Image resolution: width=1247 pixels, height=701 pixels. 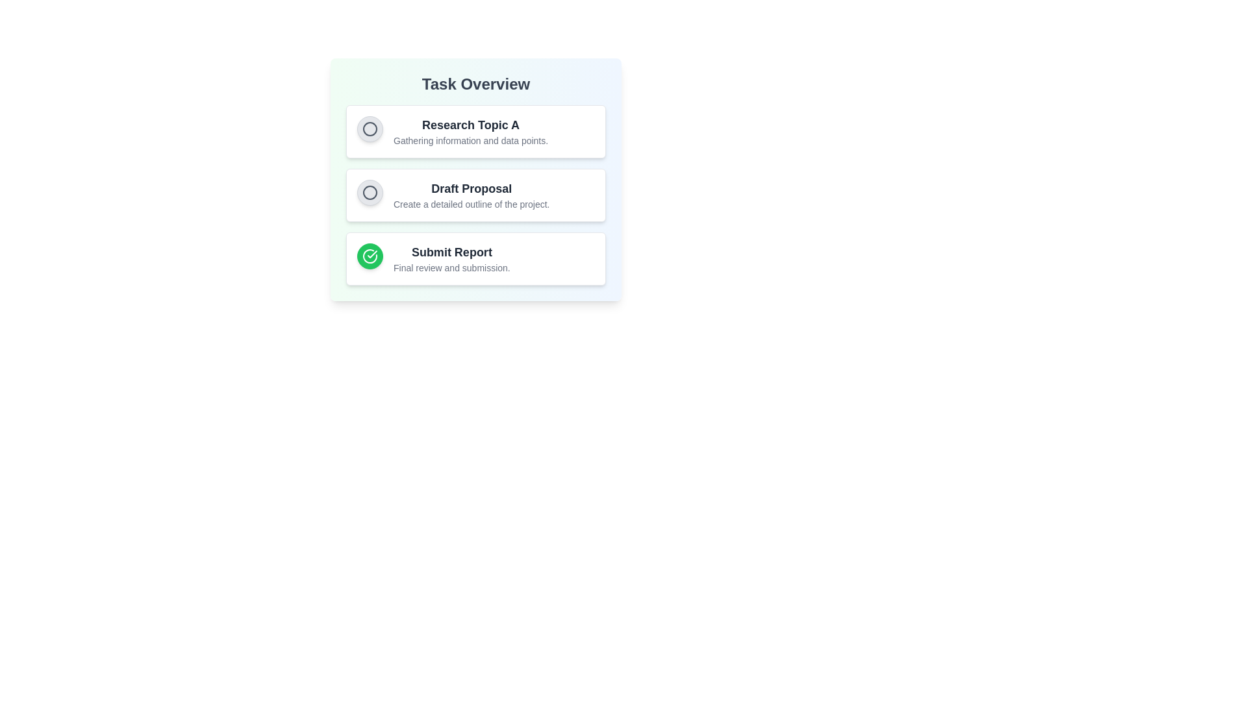 What do you see at coordinates (475, 195) in the screenshot?
I see `the second item card in the 'Task Overview' section that describes the 'Draft Proposal' phase` at bounding box center [475, 195].